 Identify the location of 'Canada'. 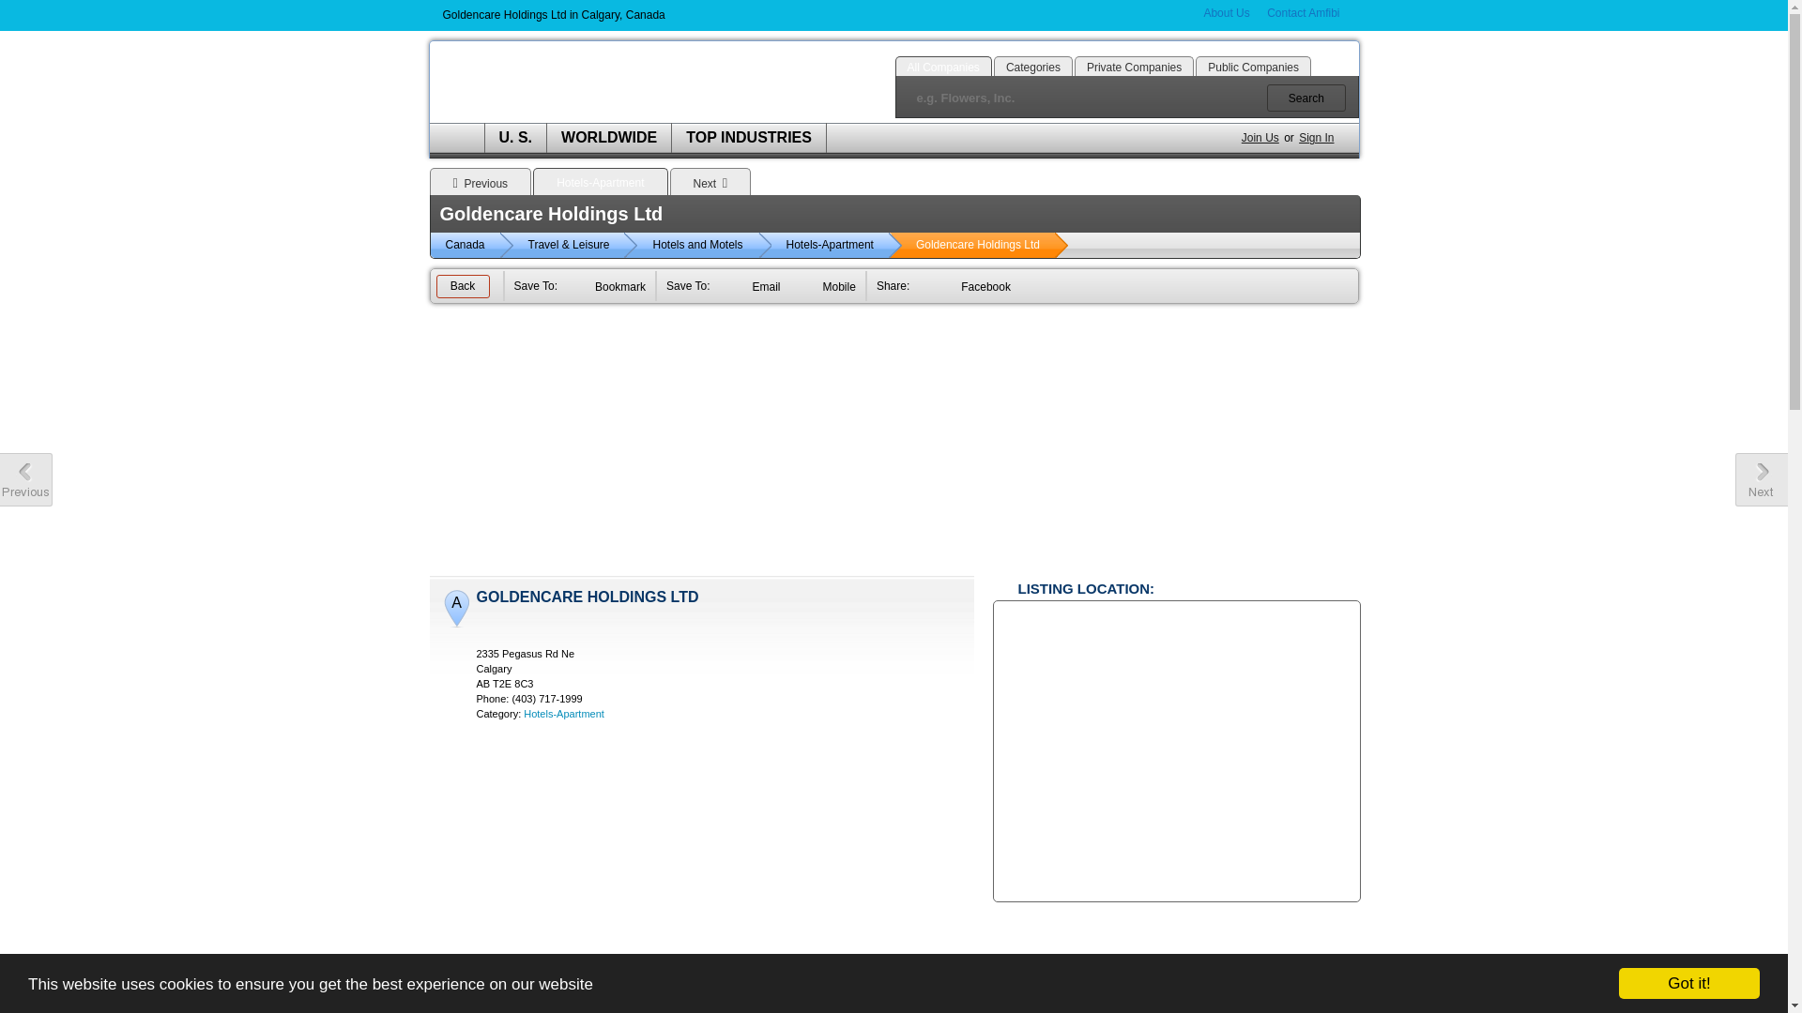
(471, 244).